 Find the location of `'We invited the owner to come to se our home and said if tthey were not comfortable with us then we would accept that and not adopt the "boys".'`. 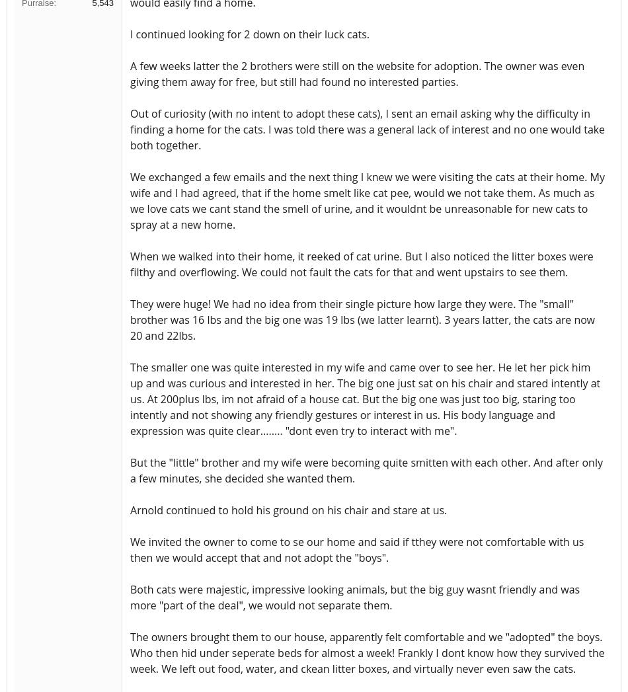

'We invited the owner to come to se our home and said if tthey were not comfortable with us then we would accept that and not adopt the "boys".' is located at coordinates (356, 549).